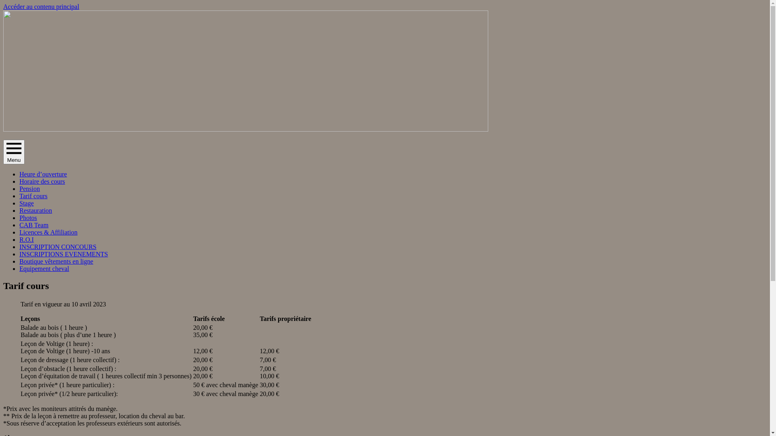 The image size is (776, 436). Describe the element at coordinates (63, 254) in the screenshot. I see `'INSCRIPTIONS EVENEMENTS'` at that location.